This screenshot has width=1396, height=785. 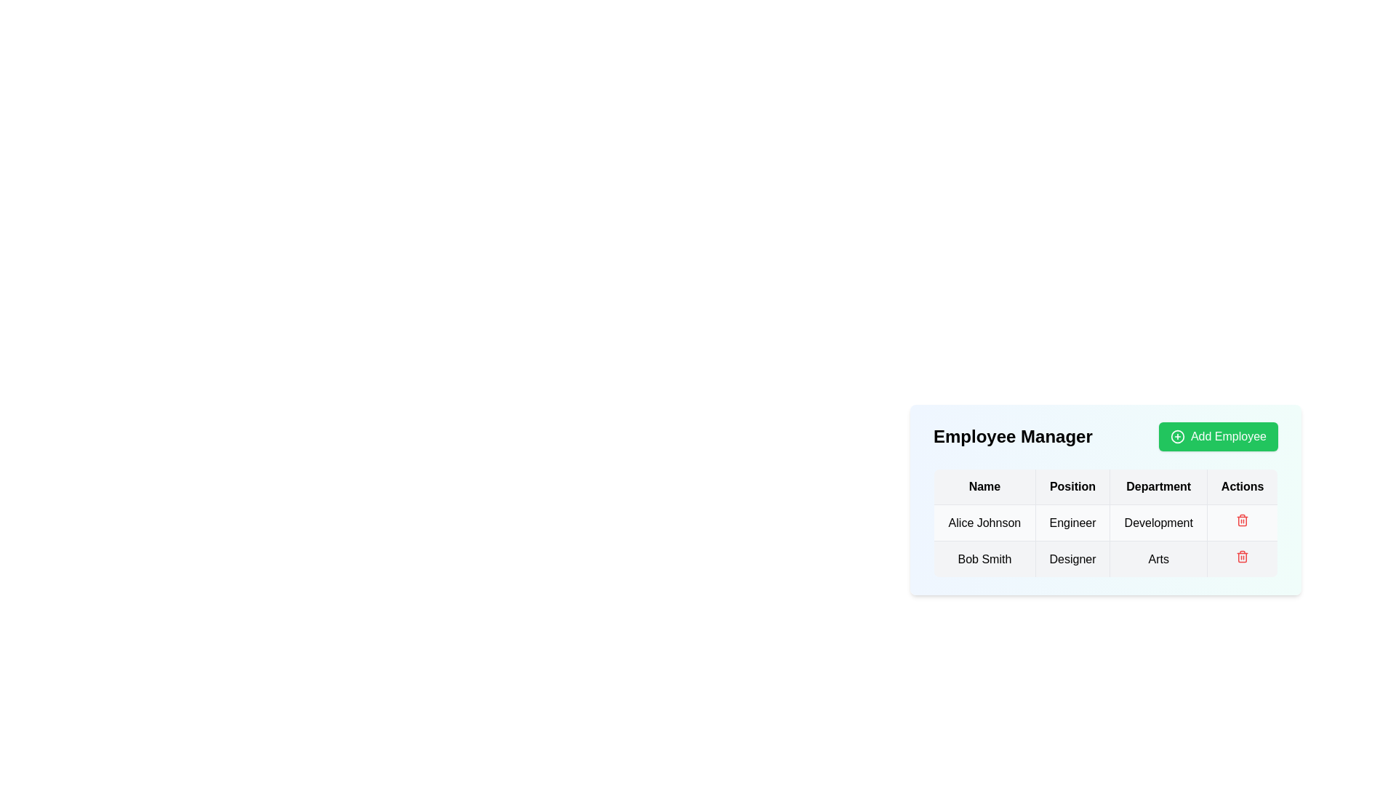 I want to click on the table cell containing 'Alice Johnson' for accessibility navigation, so click(x=984, y=522).